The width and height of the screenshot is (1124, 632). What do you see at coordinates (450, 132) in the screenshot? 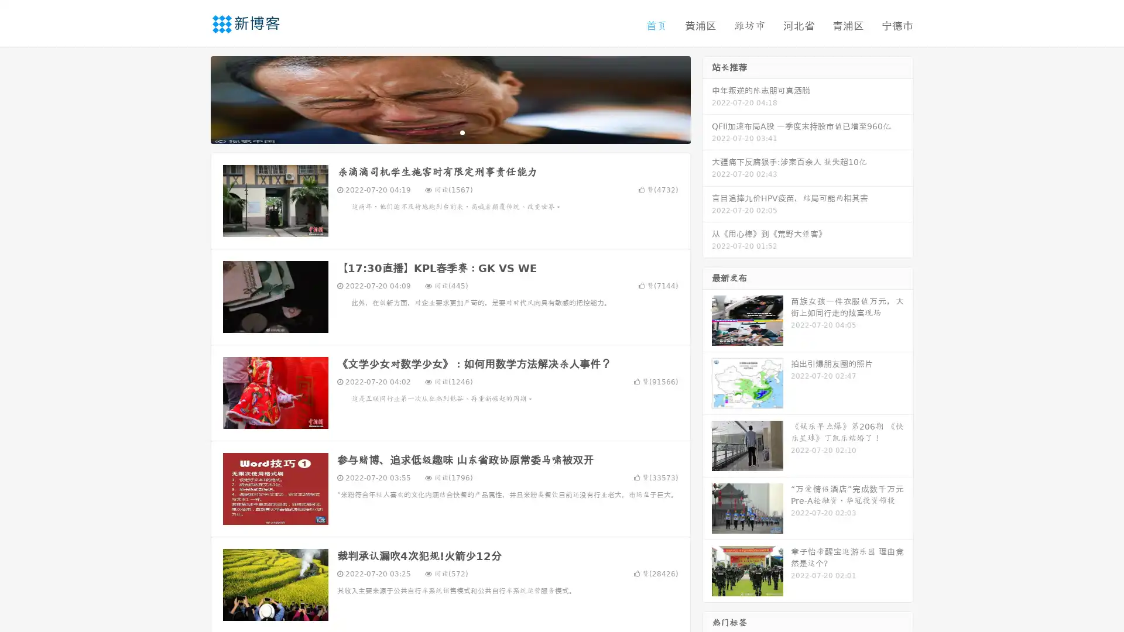
I see `Go to slide 2` at bounding box center [450, 132].